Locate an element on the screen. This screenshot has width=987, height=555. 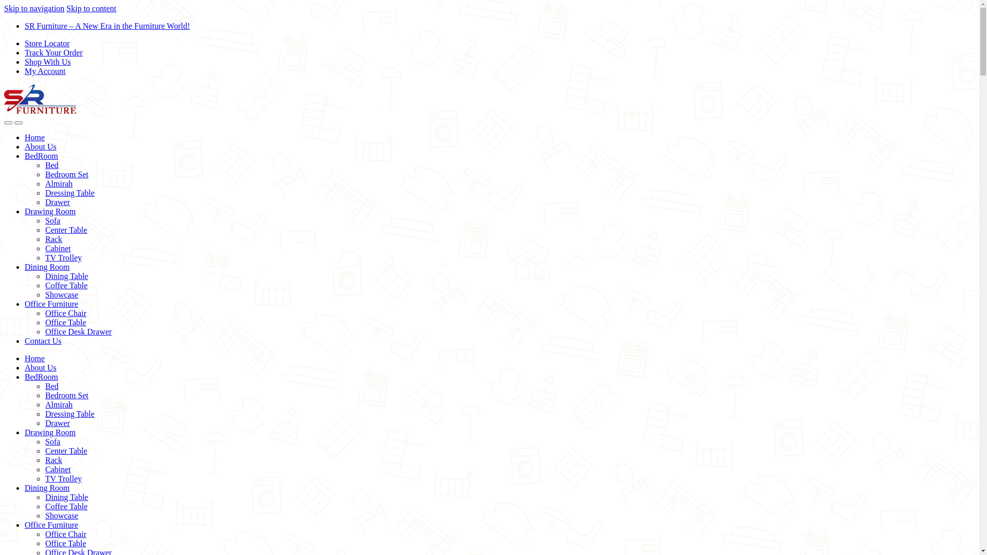
'Dining Room' is located at coordinates (46, 266).